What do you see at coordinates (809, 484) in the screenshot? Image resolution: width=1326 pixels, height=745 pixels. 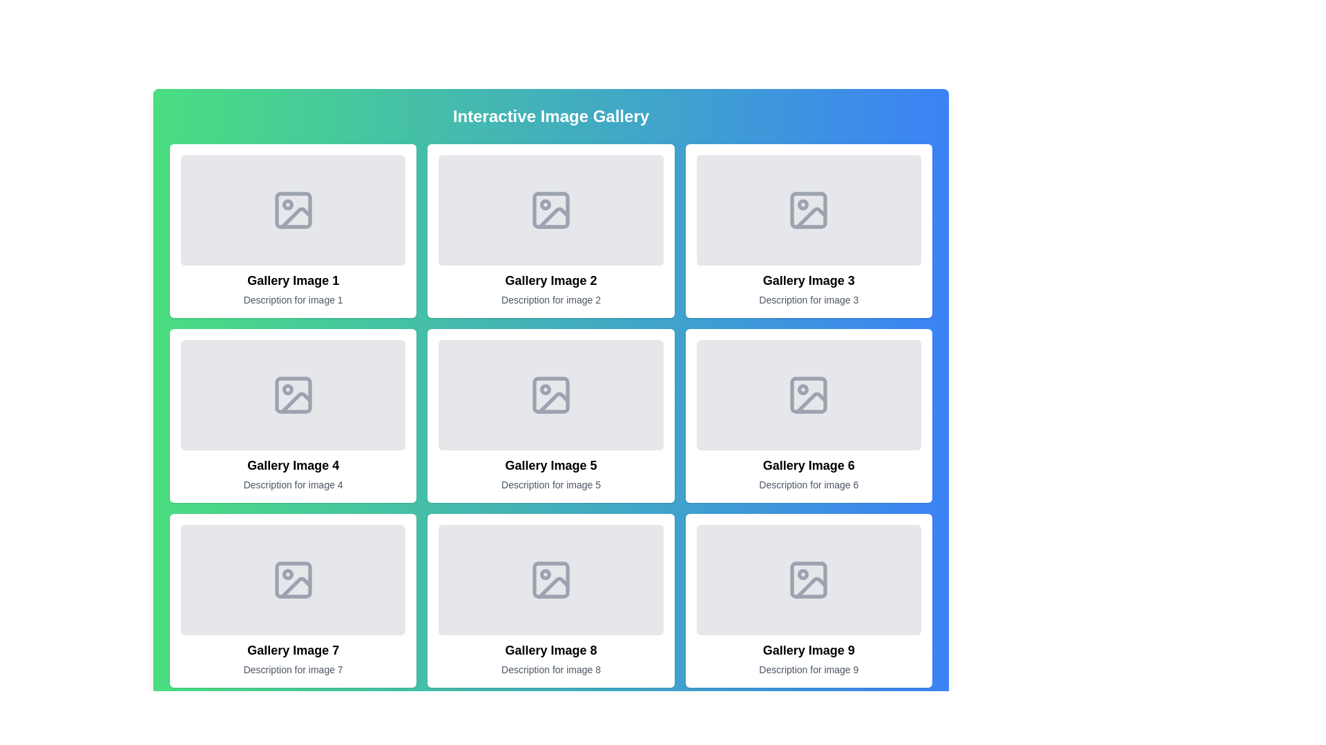 I see `the text label providing context for 'Gallery Image 6', positioned below the title in the sixth cell of the 3x3 grid layout` at bounding box center [809, 484].